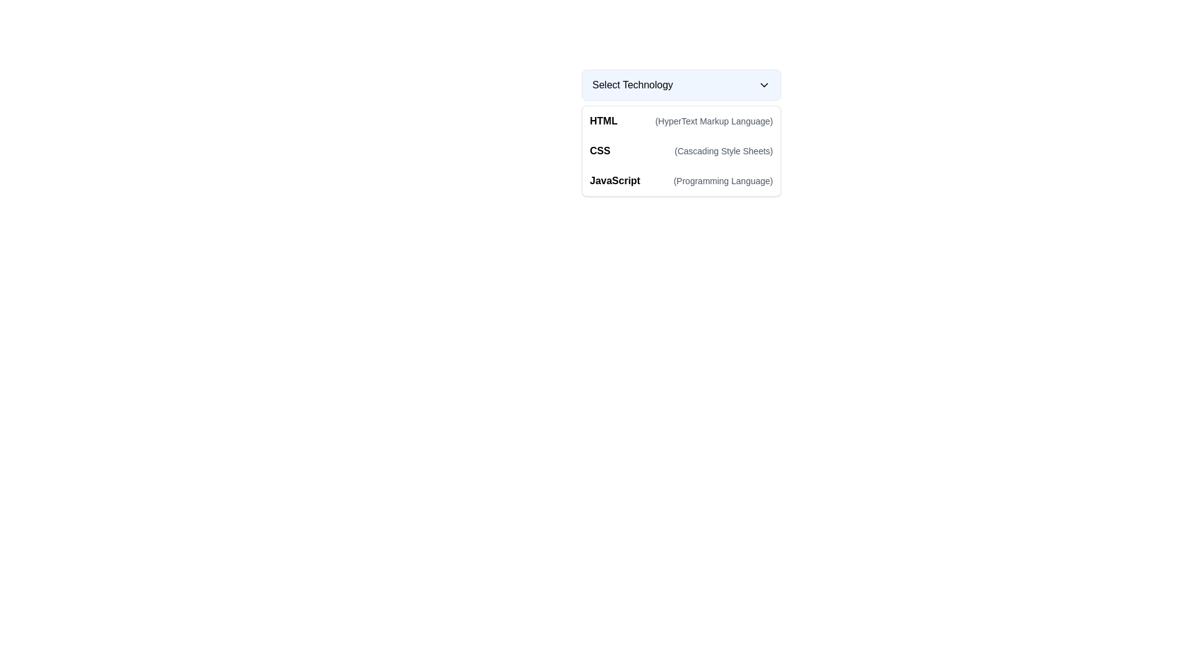  Describe the element at coordinates (723, 151) in the screenshot. I see `the text label reading '(Cascading Style Sheets)' which is styled with a smaller font size, lighter gray color, and positioned to the right of the 'CSS' text label beneath the 'Select Technology' dropdown` at that location.